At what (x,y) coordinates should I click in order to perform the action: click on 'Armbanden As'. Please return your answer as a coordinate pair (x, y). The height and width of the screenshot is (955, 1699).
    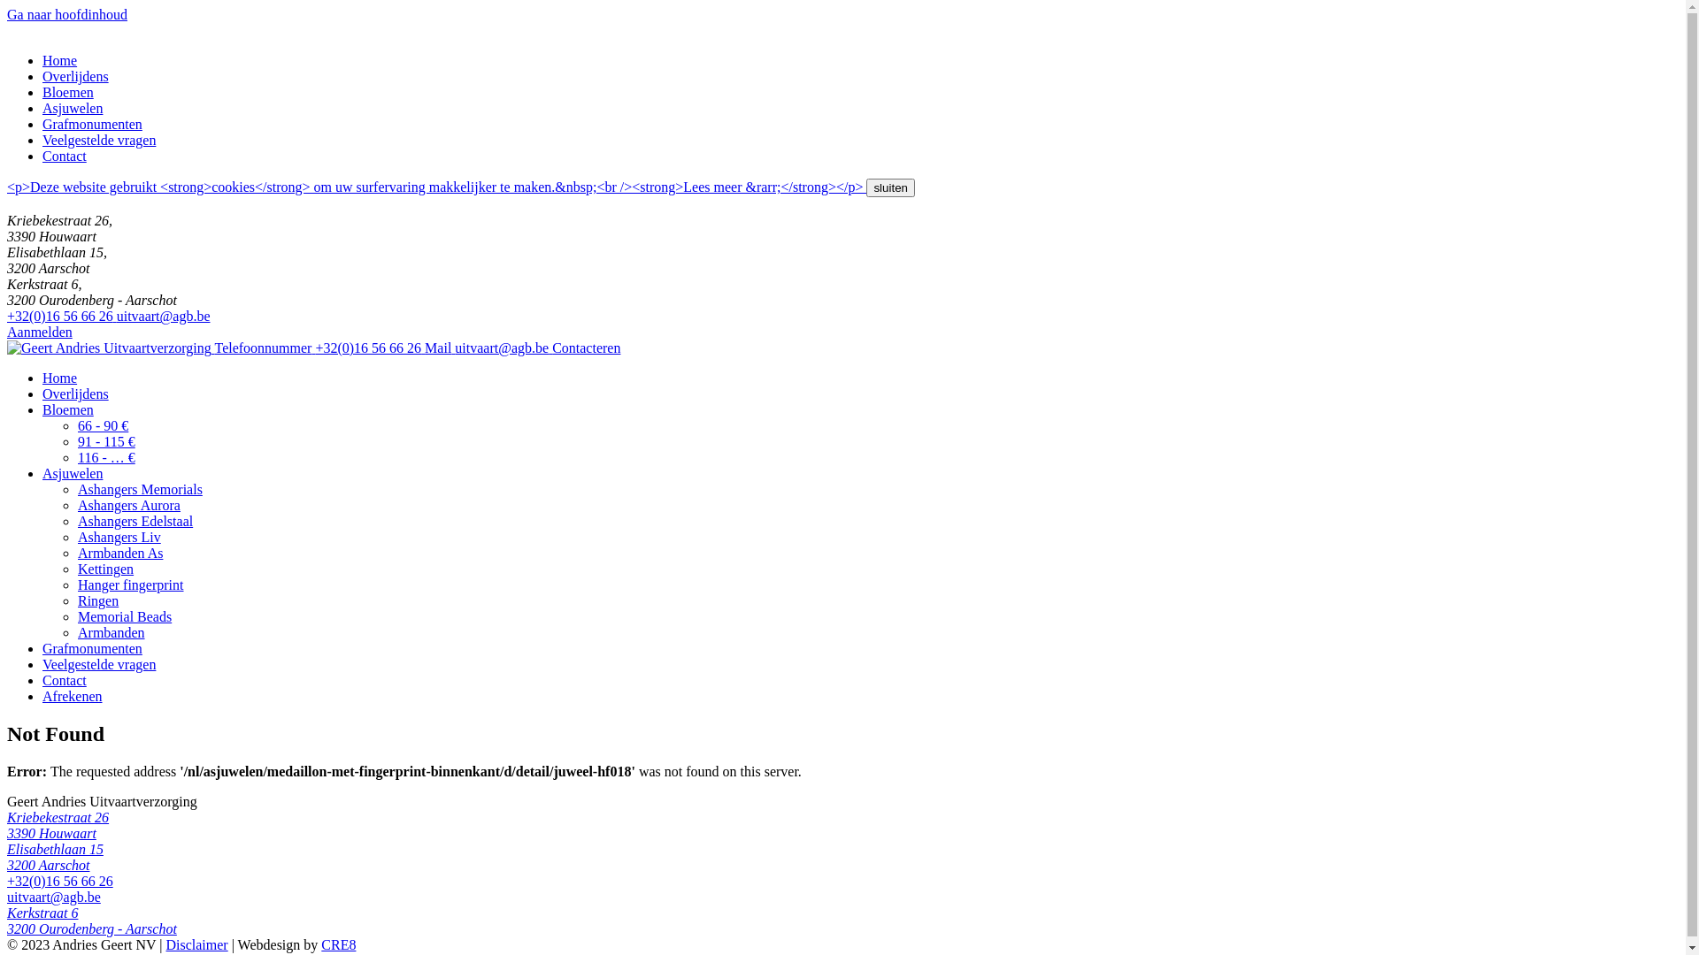
    Looking at the image, I should click on (119, 552).